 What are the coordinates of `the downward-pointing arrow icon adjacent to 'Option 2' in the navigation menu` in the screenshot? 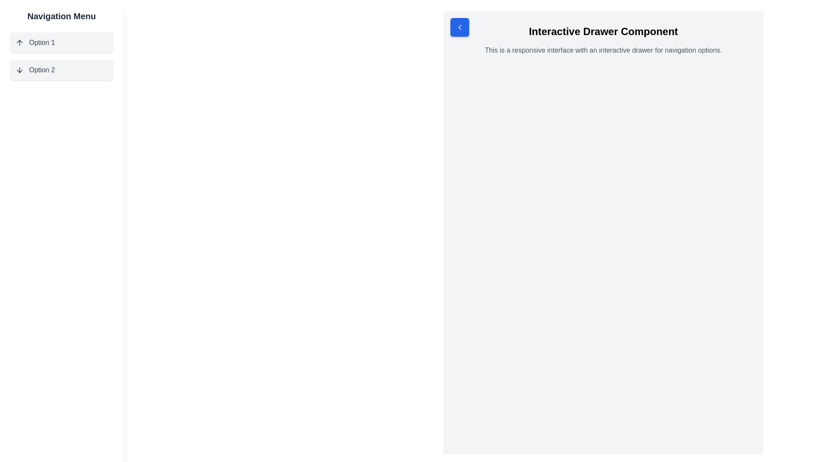 It's located at (20, 70).